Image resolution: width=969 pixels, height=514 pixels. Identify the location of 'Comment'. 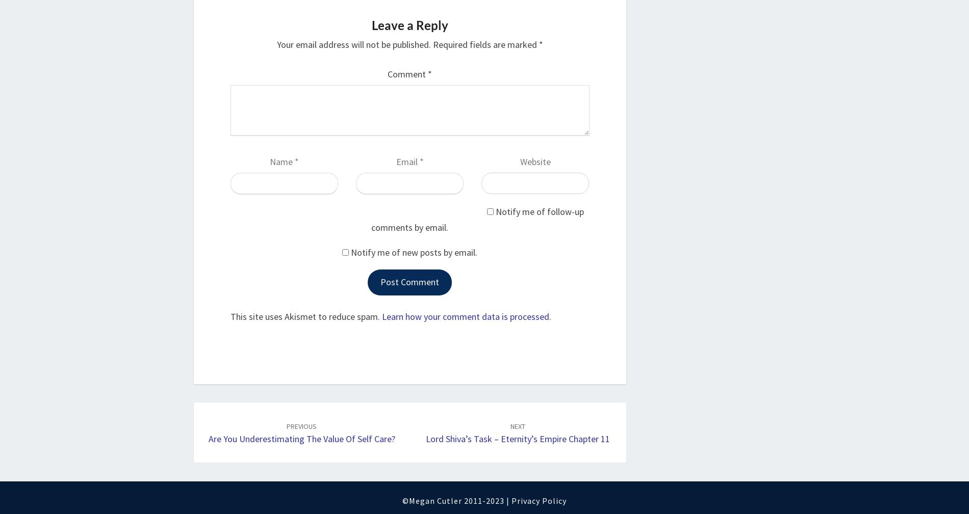
(407, 73).